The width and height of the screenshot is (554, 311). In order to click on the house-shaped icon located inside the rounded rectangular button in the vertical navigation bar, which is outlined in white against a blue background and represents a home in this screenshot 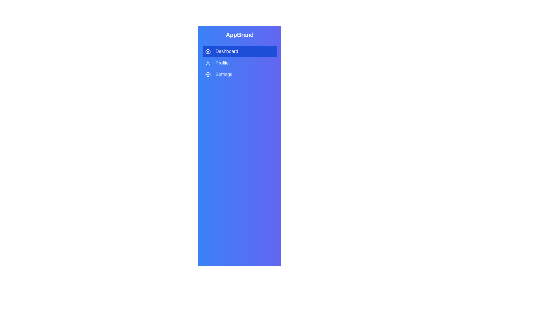, I will do `click(208, 51)`.